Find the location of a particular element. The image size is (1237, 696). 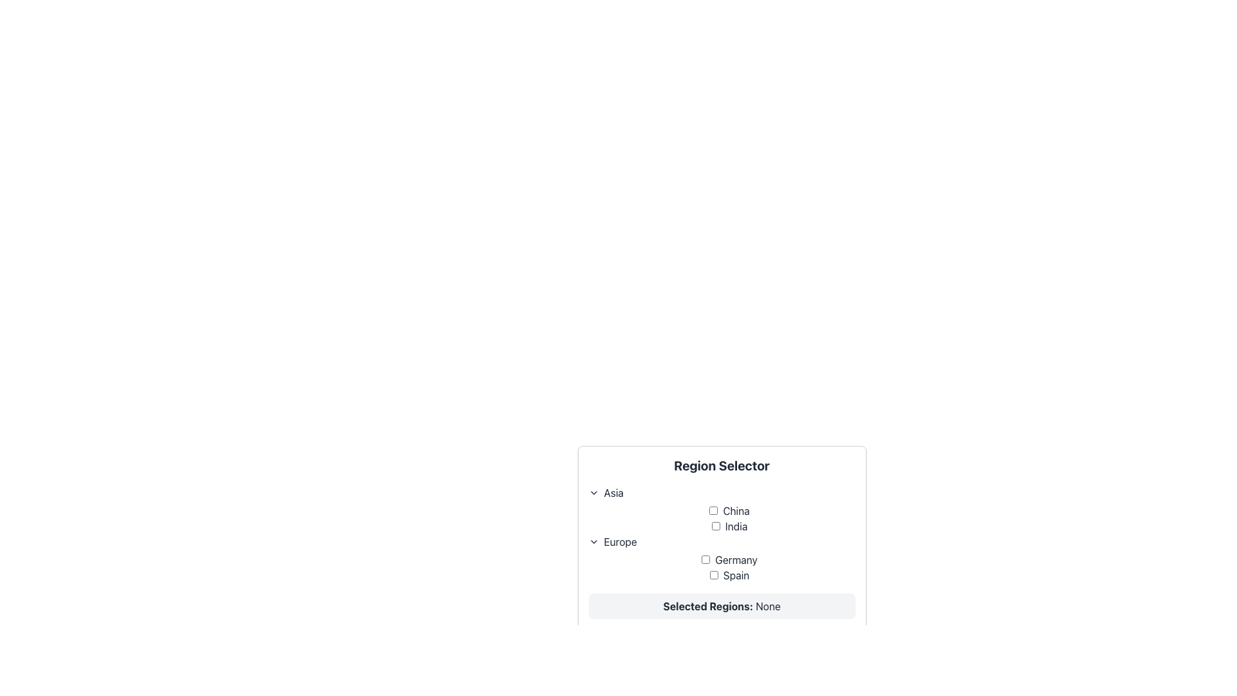

the checkbox next to 'Germany' in the 'Europe' section of the 'Region Selector' interface is located at coordinates (722, 566).